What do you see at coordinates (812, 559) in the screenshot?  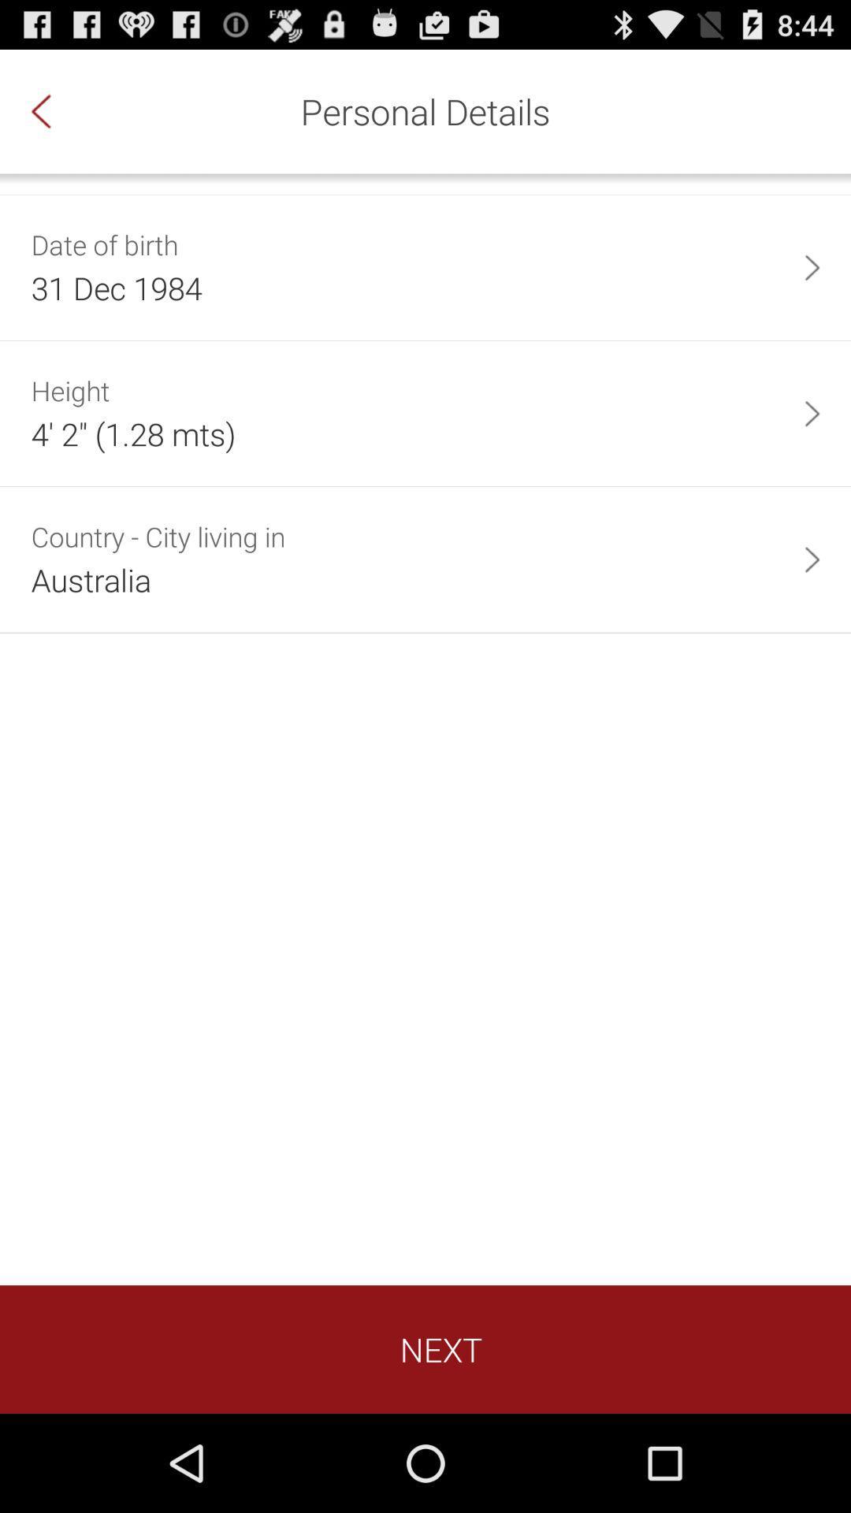 I see `app to the right of country city living item` at bounding box center [812, 559].